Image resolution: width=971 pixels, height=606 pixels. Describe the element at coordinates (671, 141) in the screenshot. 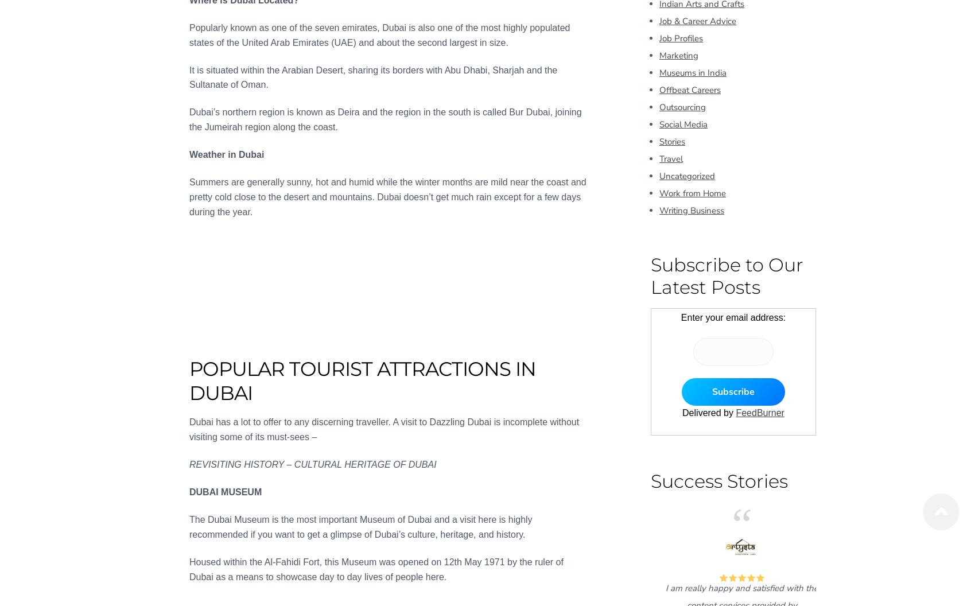

I see `'Stories'` at that location.